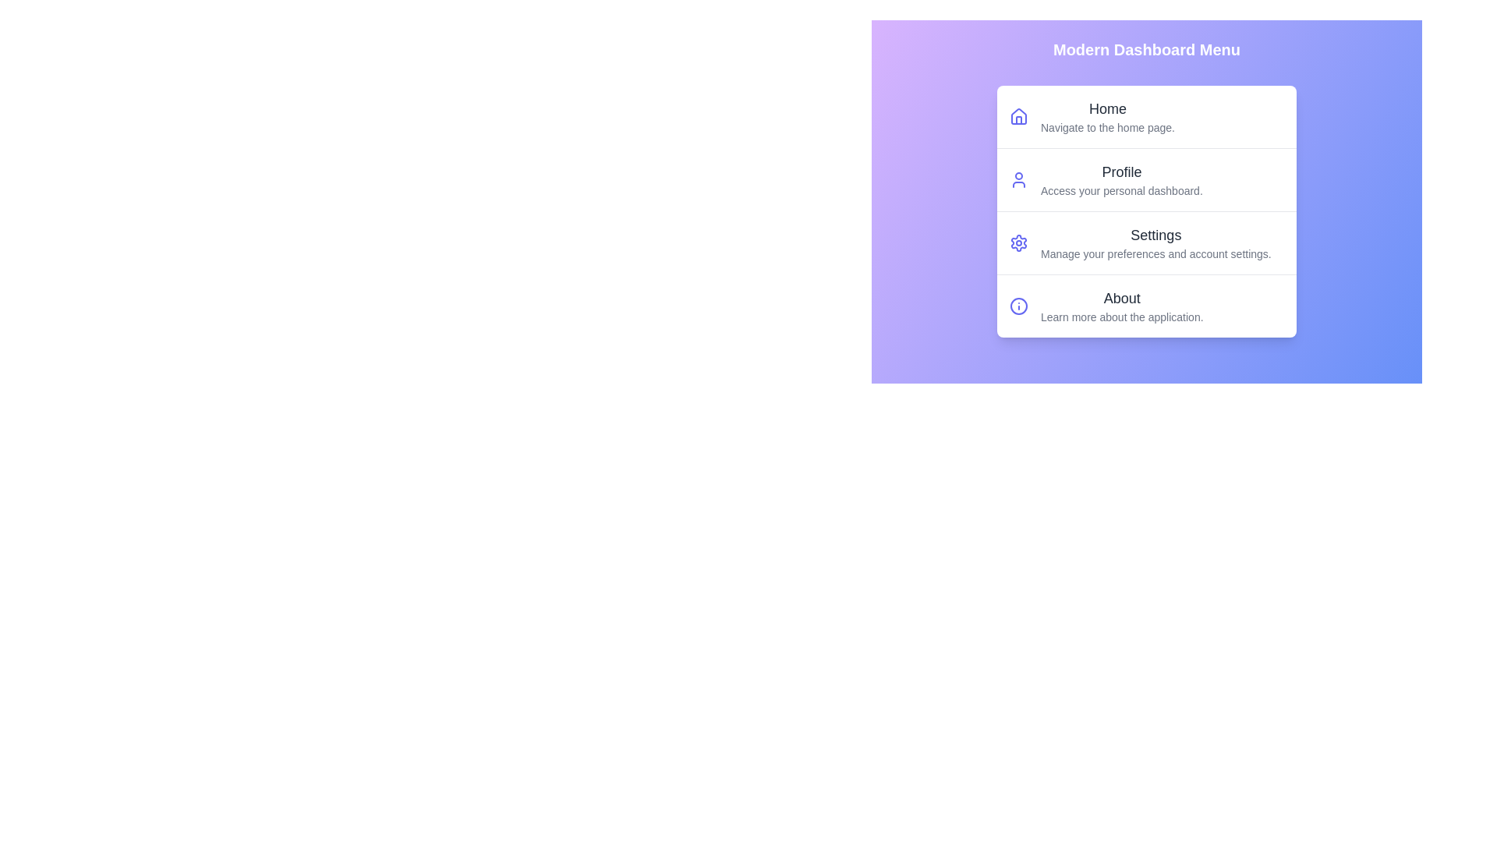 The width and height of the screenshot is (1497, 842). I want to click on the menu item corresponding to About, so click(1146, 306).